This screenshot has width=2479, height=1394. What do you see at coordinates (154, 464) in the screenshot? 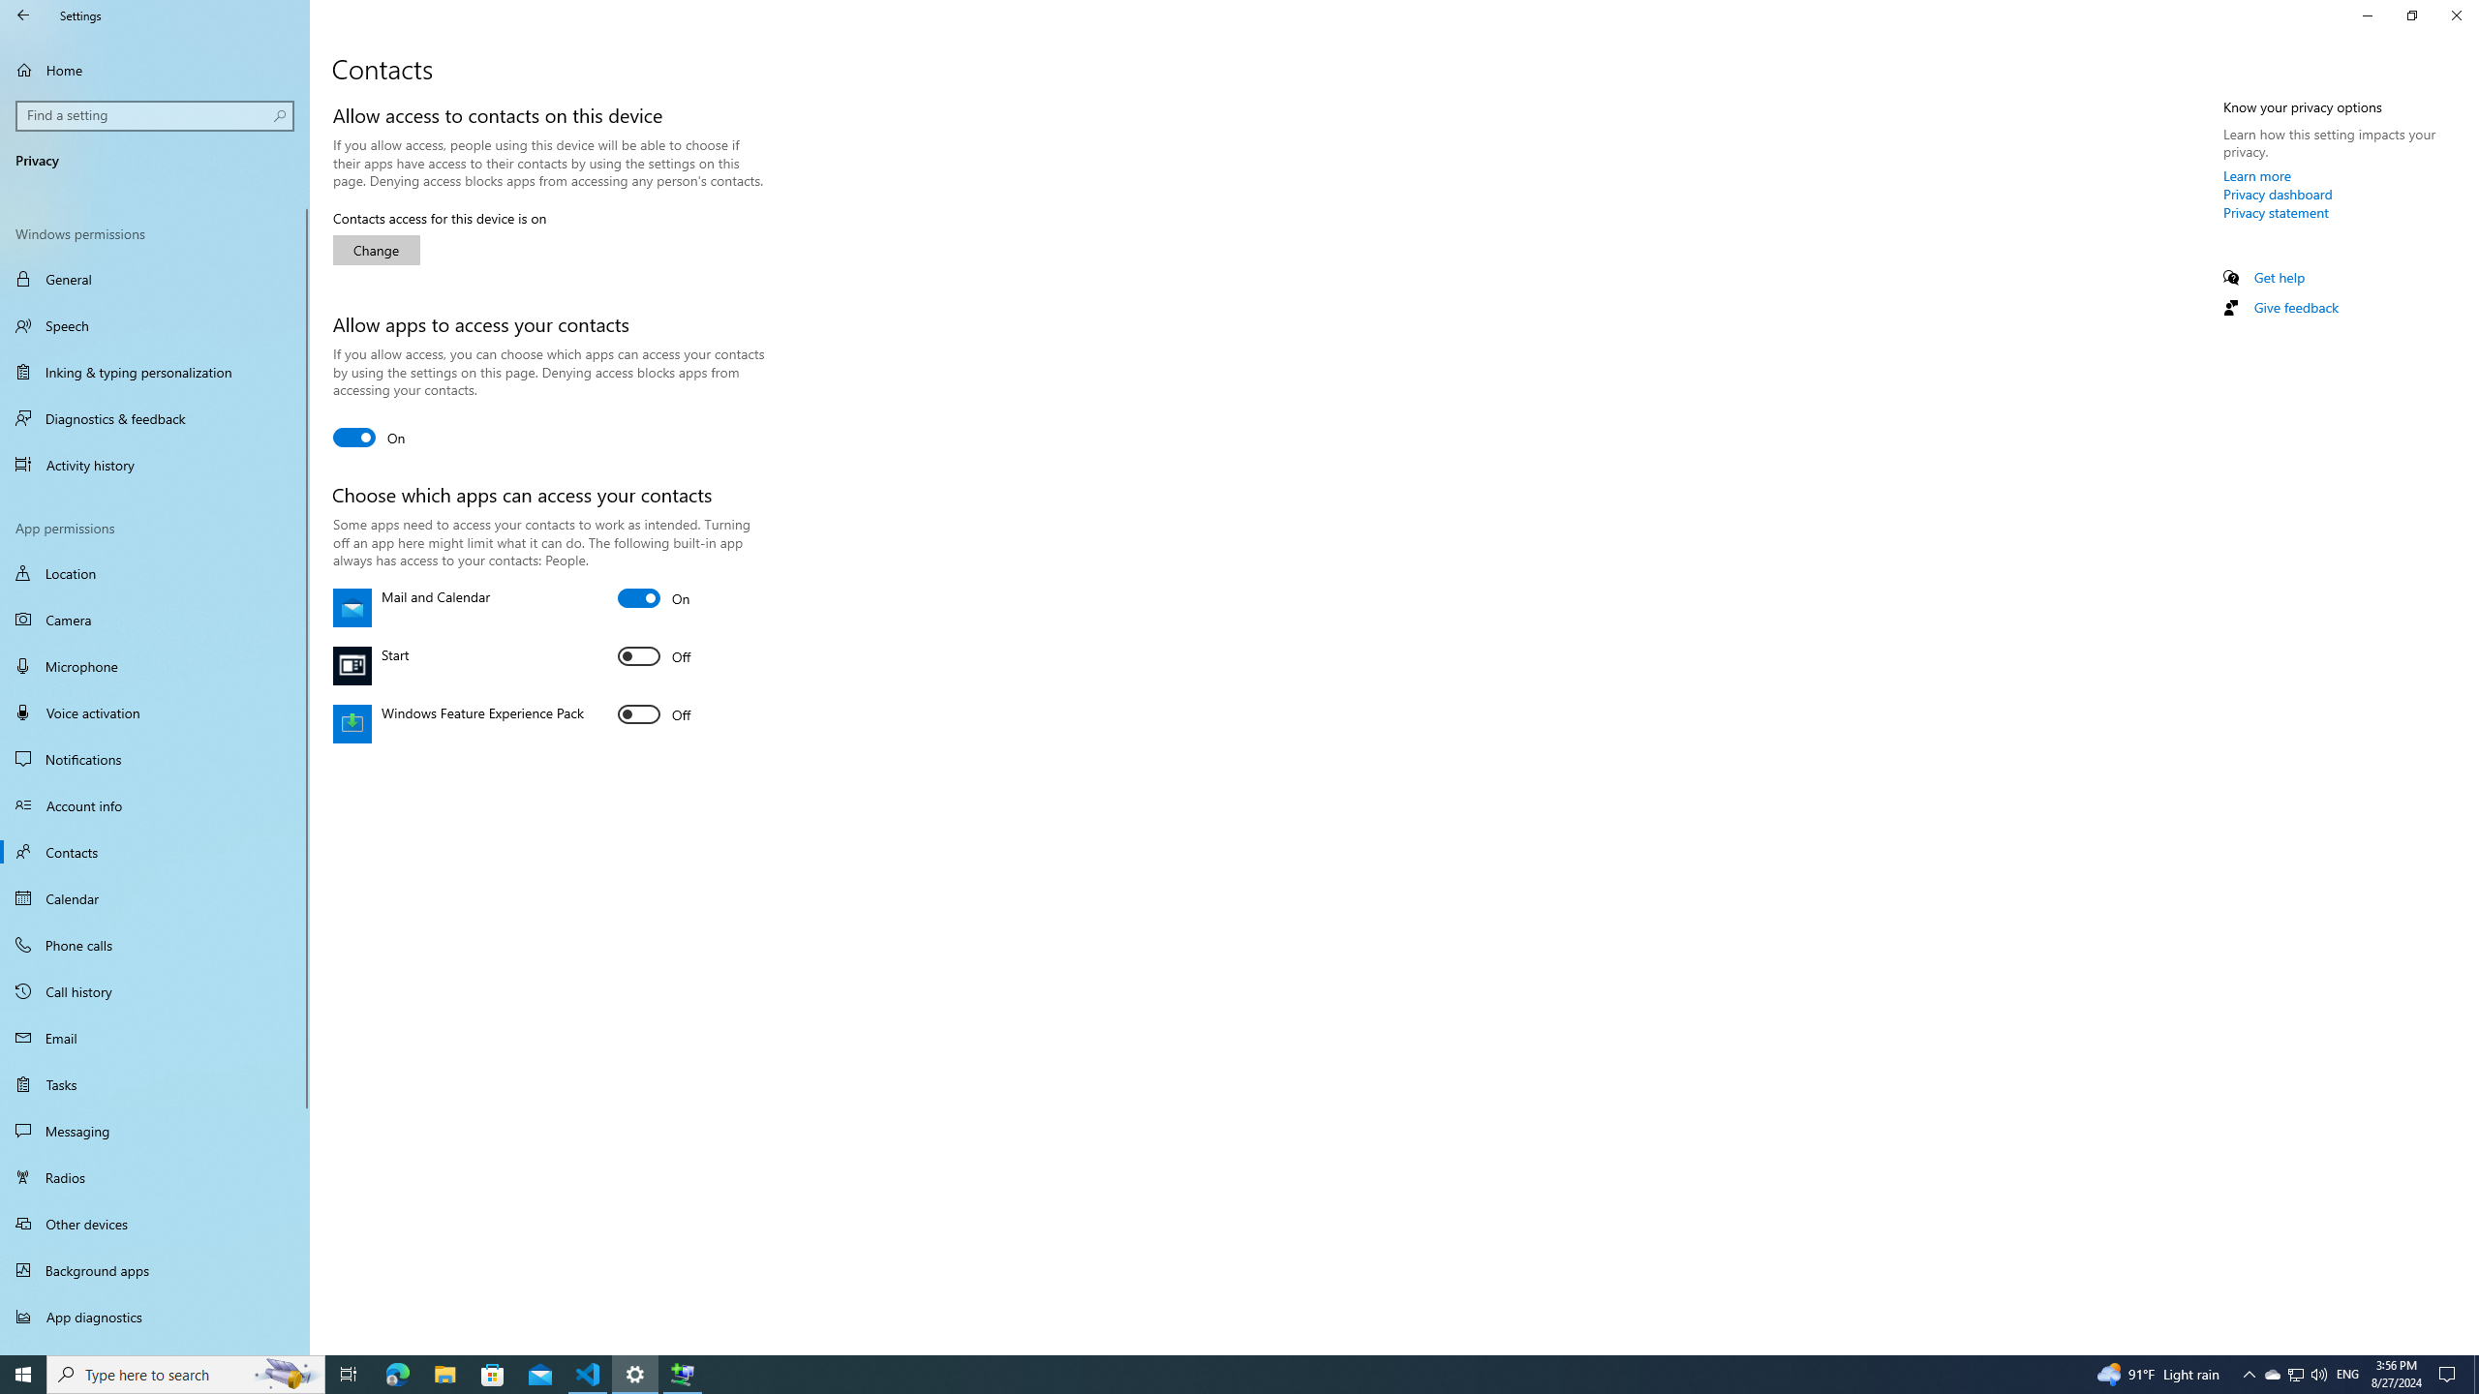
I see `'Activity history'` at bounding box center [154, 464].